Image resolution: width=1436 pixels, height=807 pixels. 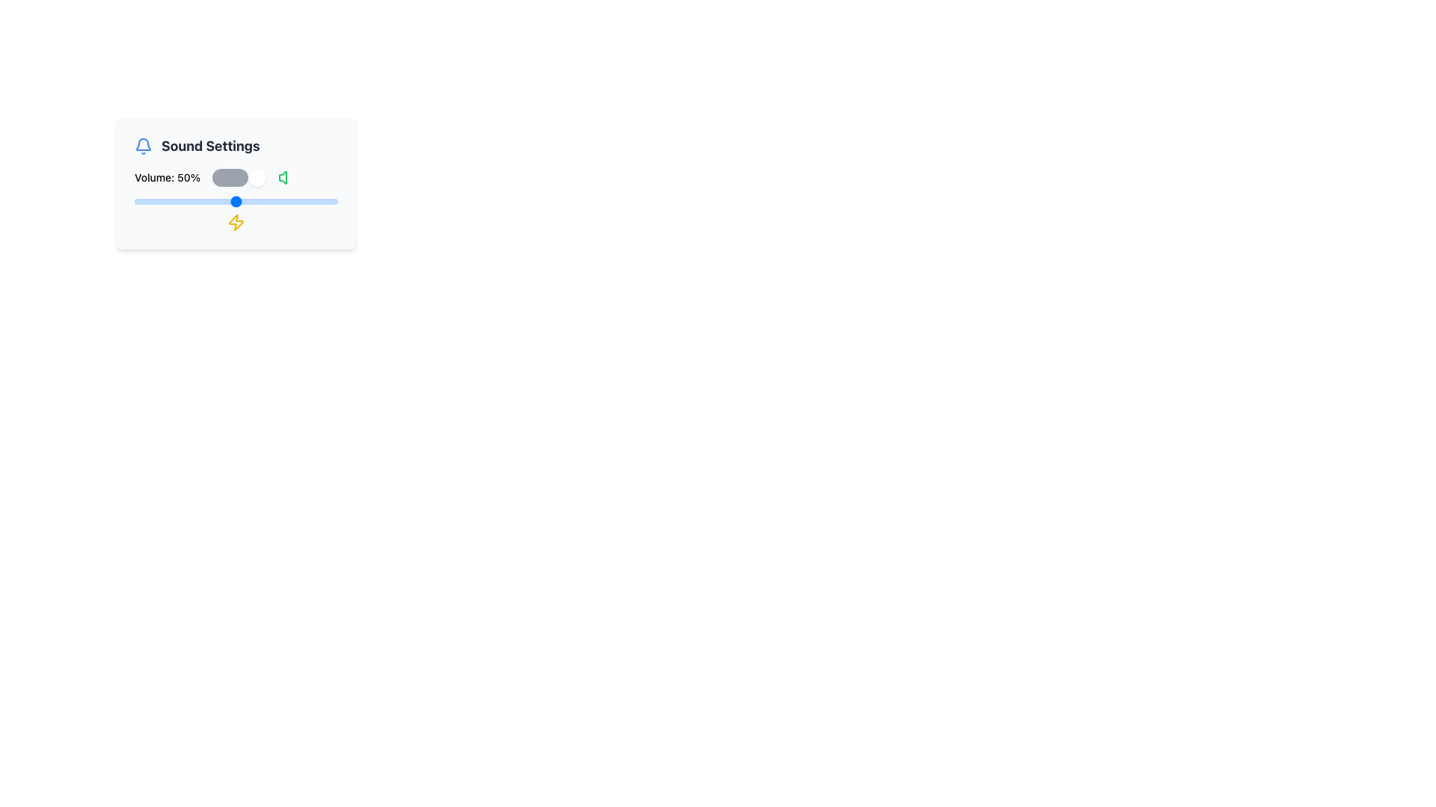 I want to click on the toggle switch located in the 'Volume: 50%' section to switch its state, so click(x=239, y=177).